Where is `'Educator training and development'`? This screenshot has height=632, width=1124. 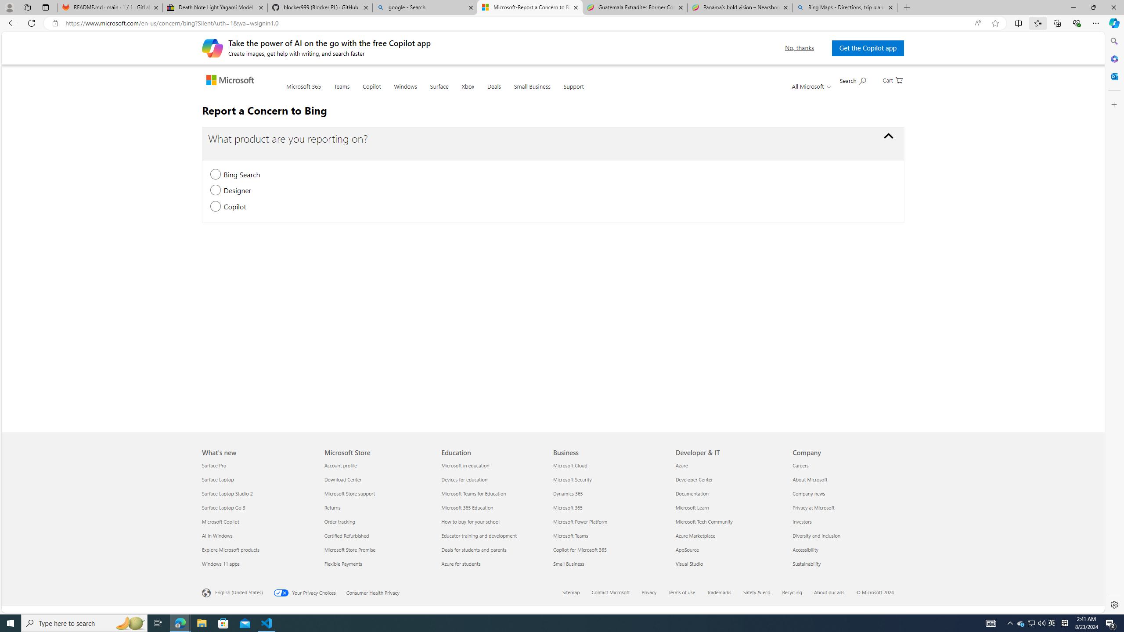 'Educator training and development' is located at coordinates (494, 535).